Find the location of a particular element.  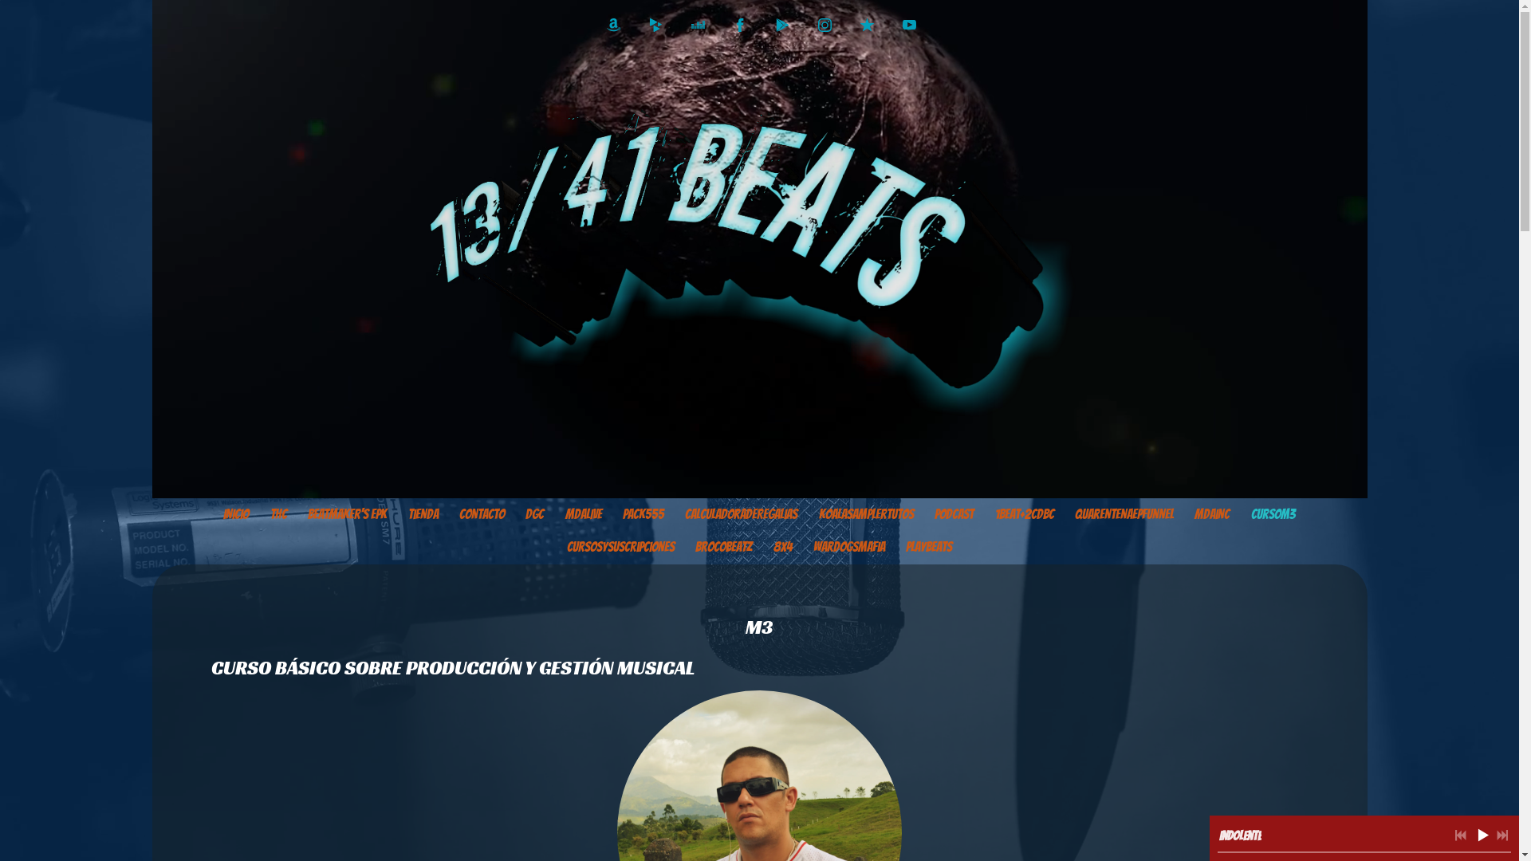

'Reproducir' is located at coordinates (1472, 833).